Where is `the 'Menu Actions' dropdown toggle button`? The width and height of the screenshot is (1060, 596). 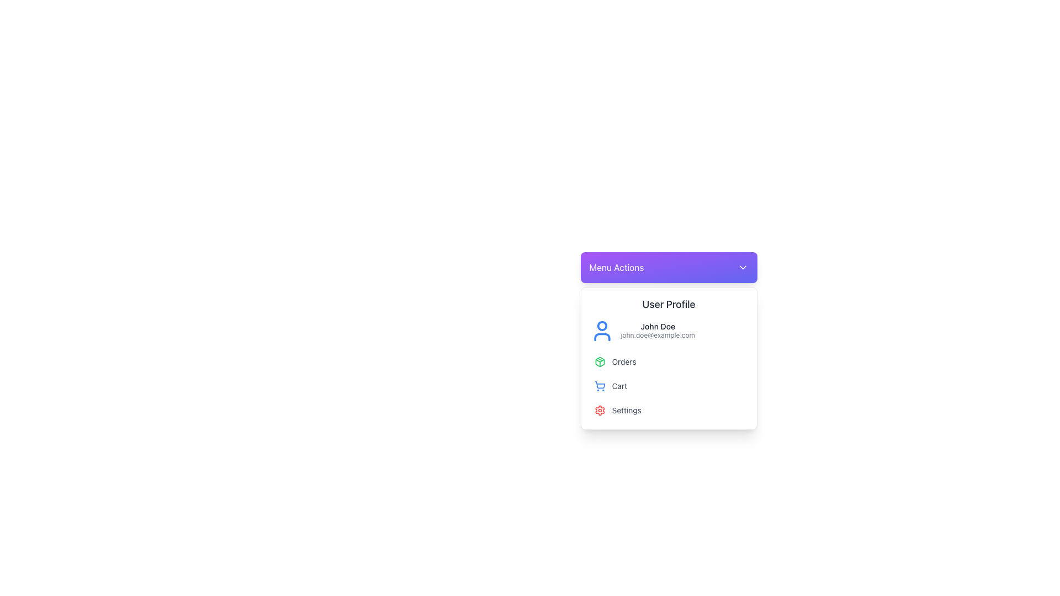
the 'Menu Actions' dropdown toggle button is located at coordinates (668, 268).